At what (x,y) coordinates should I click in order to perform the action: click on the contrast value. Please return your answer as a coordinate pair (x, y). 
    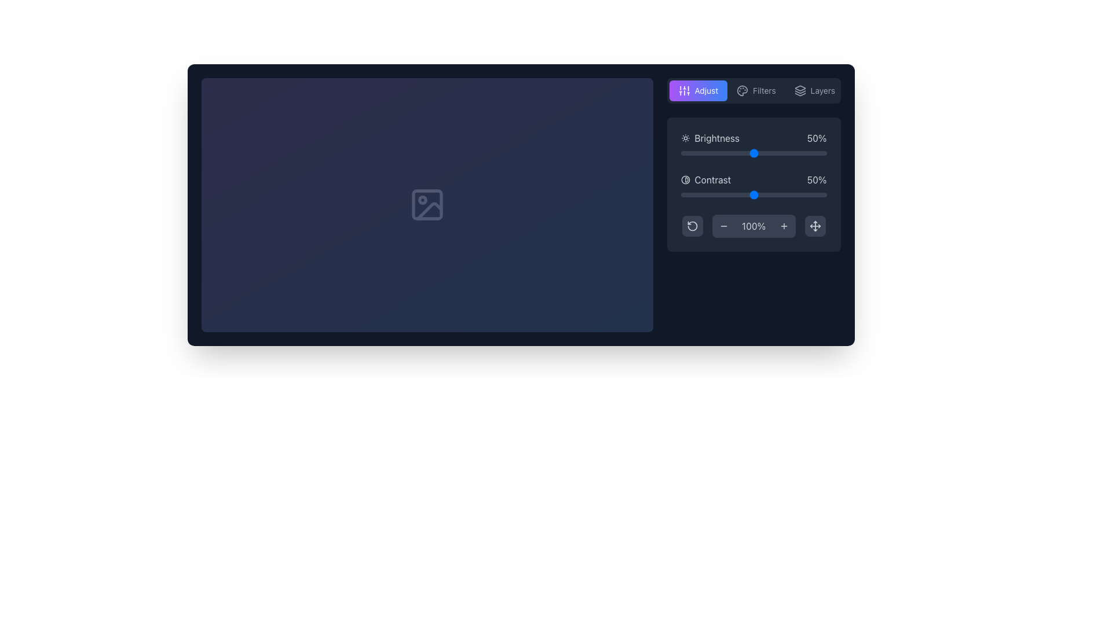
    Looking at the image, I should click on (813, 194).